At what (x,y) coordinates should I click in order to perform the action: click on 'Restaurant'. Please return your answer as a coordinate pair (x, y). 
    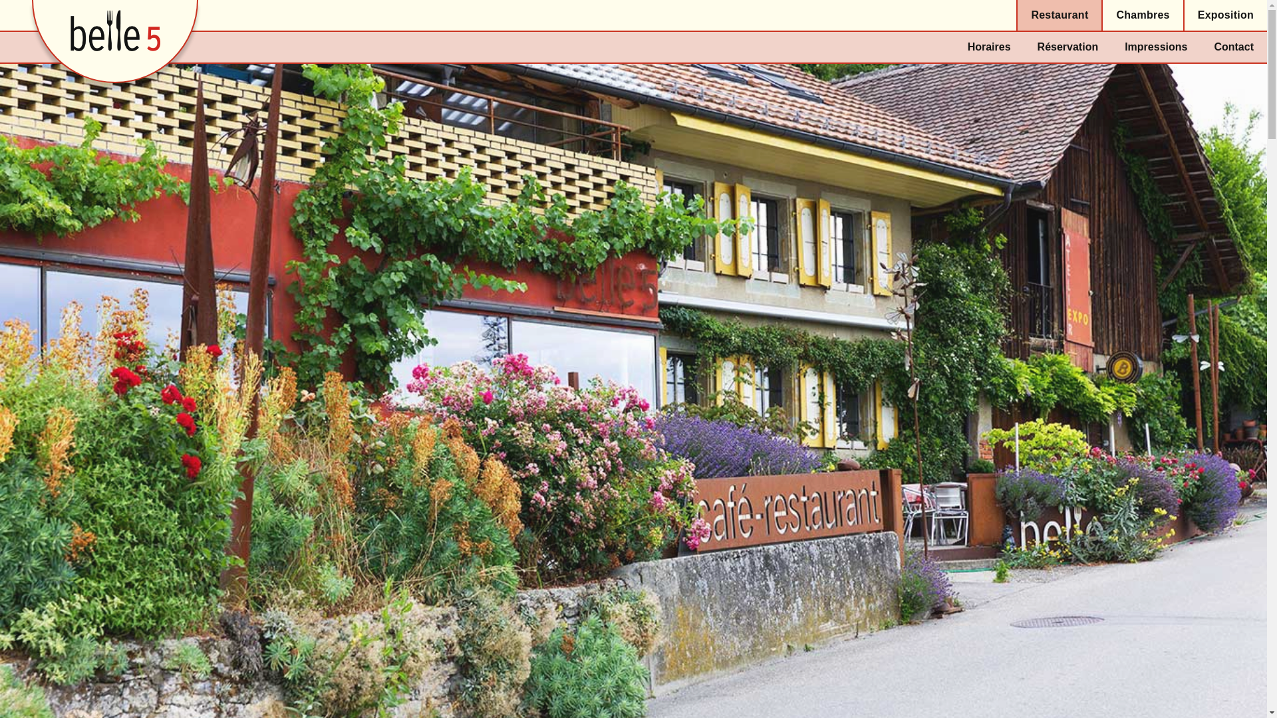
    Looking at the image, I should click on (1059, 15).